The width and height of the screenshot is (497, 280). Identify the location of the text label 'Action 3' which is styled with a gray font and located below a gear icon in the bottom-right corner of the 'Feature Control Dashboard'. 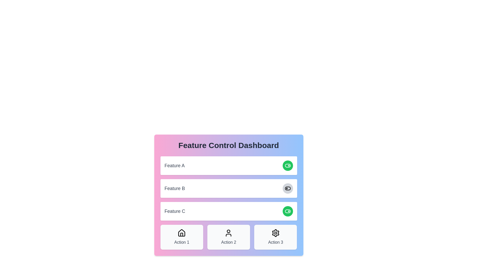
(275, 242).